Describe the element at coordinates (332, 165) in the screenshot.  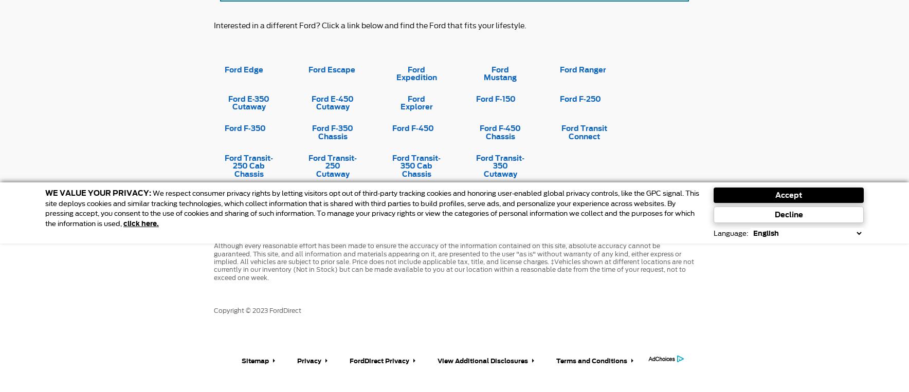
I see `'Ford Transit-250 Cutaway'` at that location.